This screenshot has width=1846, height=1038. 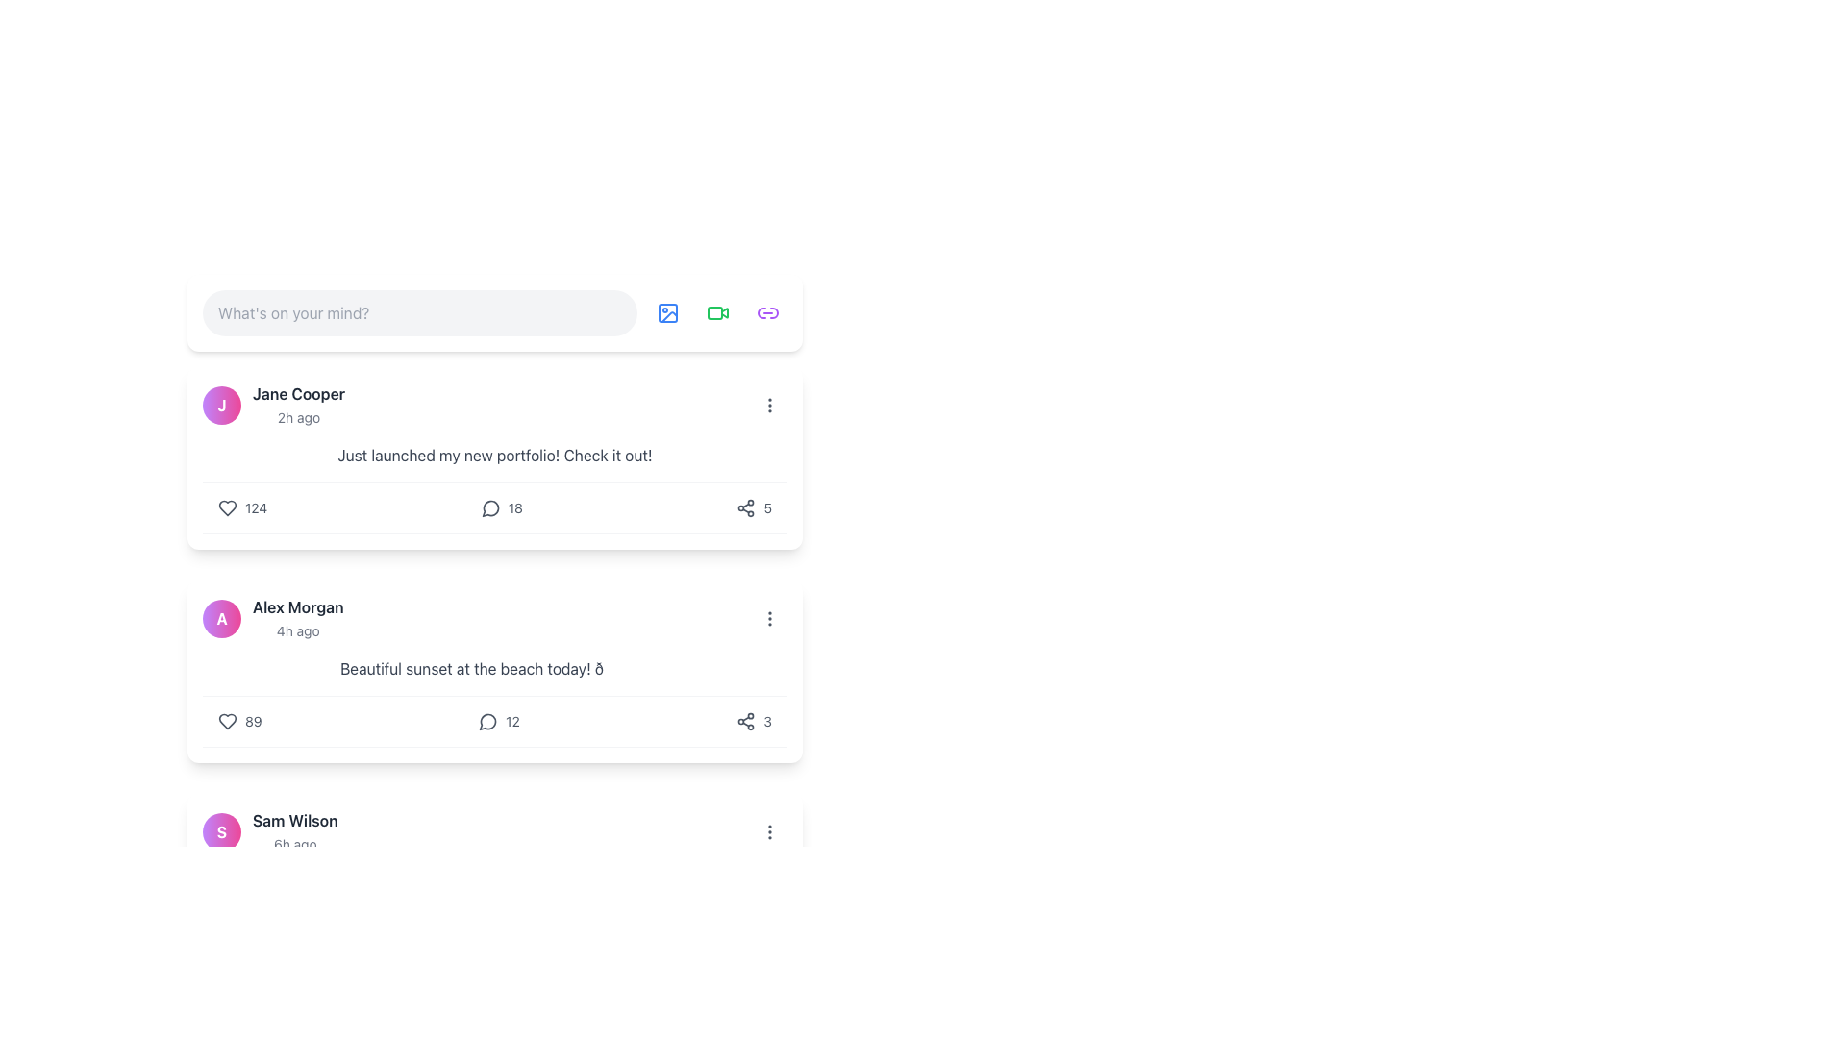 What do you see at coordinates (499, 722) in the screenshot?
I see `the button with a circular speech bubble icon and the numerical label '12'` at bounding box center [499, 722].